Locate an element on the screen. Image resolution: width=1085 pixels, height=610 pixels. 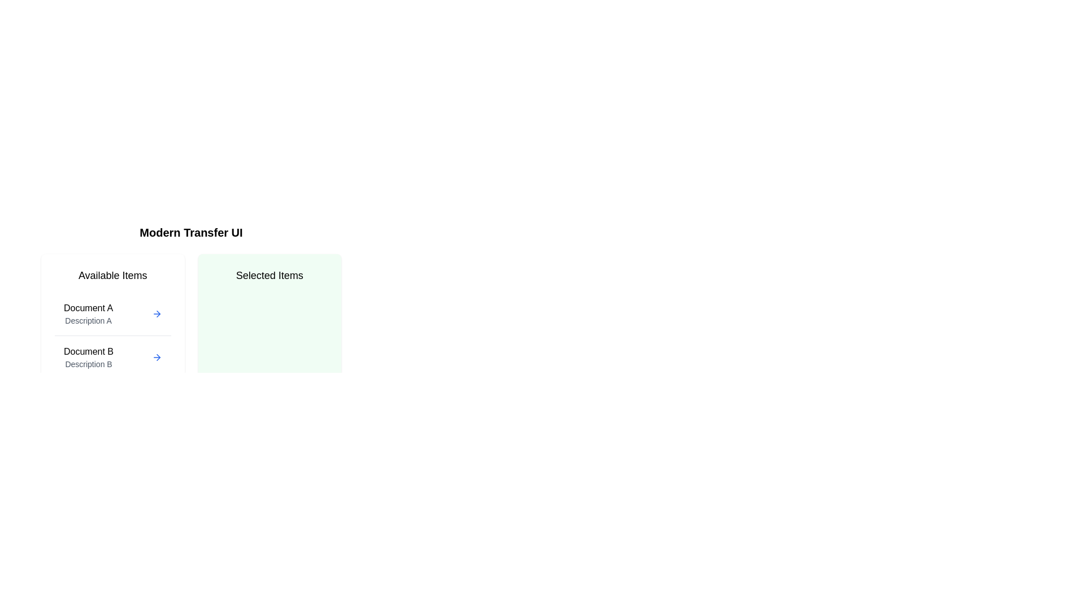
the first list item labeled 'Document A' is located at coordinates (112, 314).